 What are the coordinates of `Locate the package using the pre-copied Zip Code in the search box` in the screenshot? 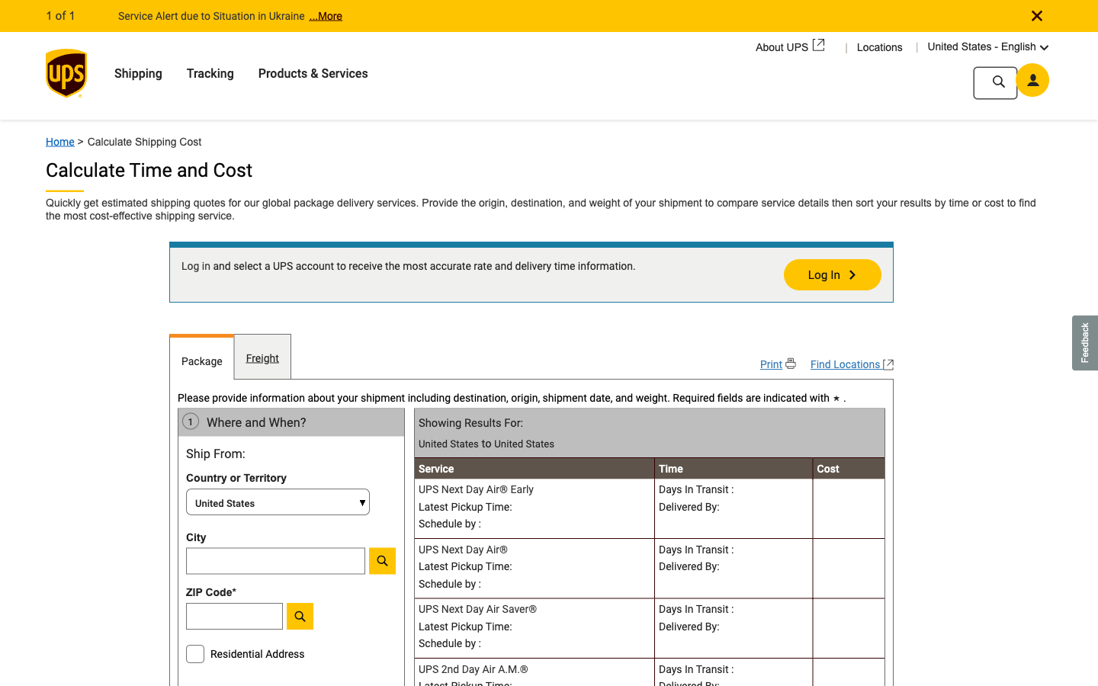 It's located at (274, 620).